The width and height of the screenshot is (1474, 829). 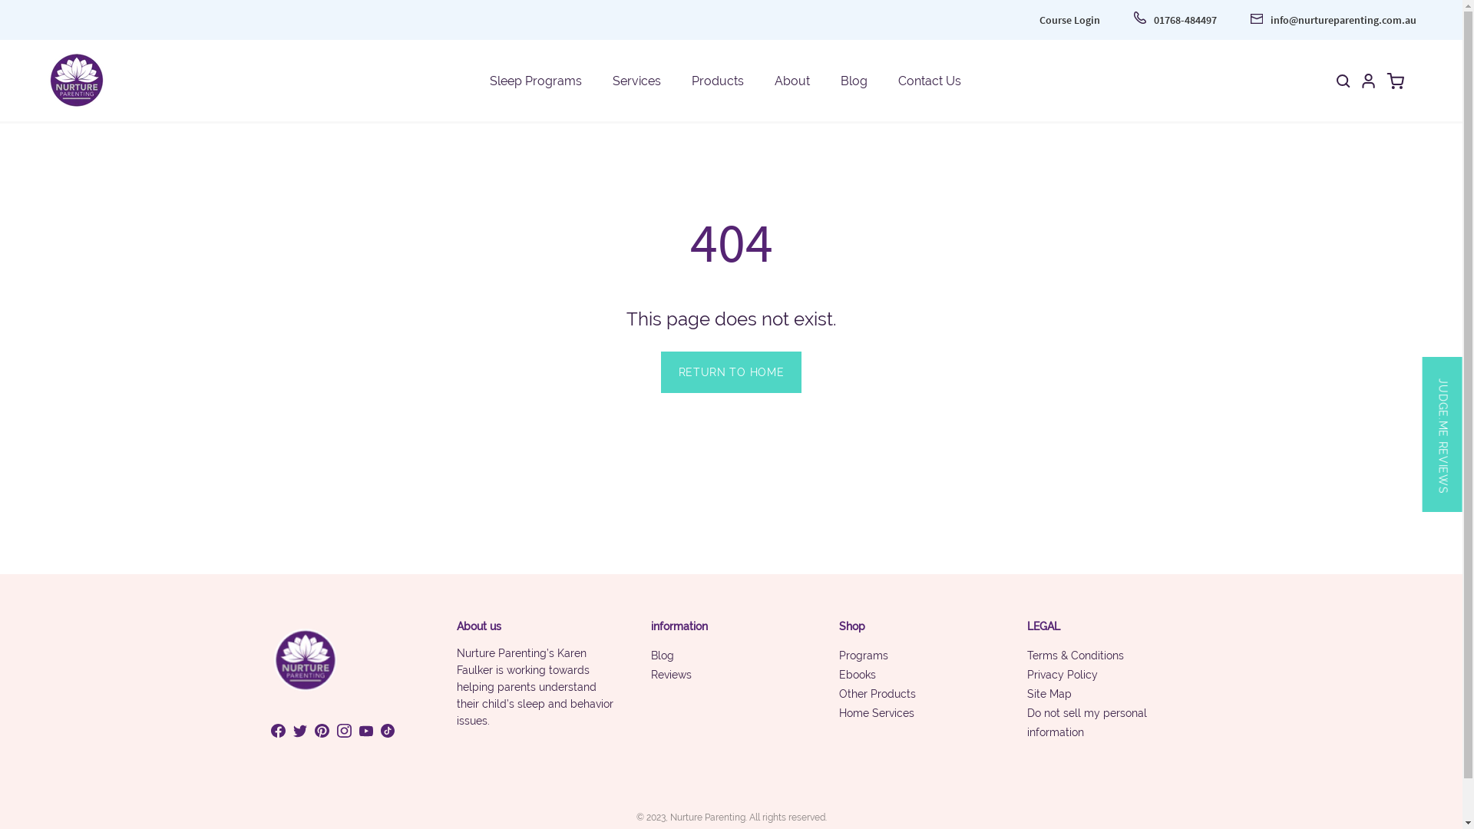 What do you see at coordinates (1086, 722) in the screenshot?
I see `'Do not sell my personal information'` at bounding box center [1086, 722].